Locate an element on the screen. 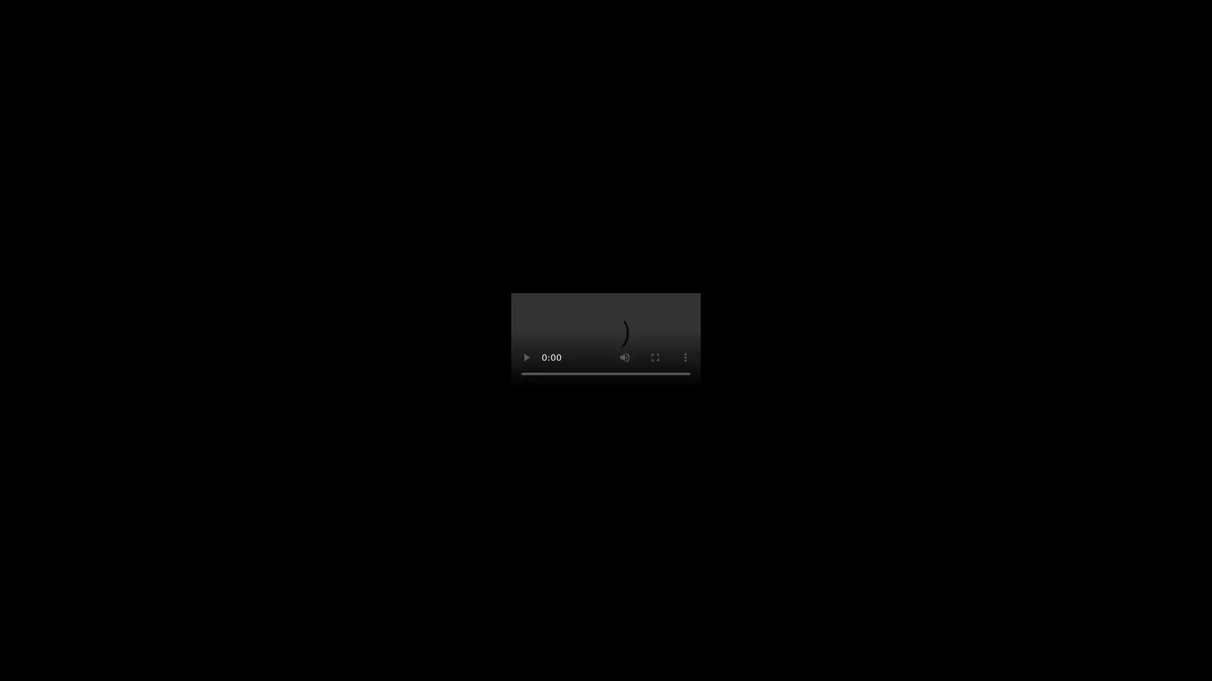 The image size is (1212, 681). play is located at coordinates (526, 358).